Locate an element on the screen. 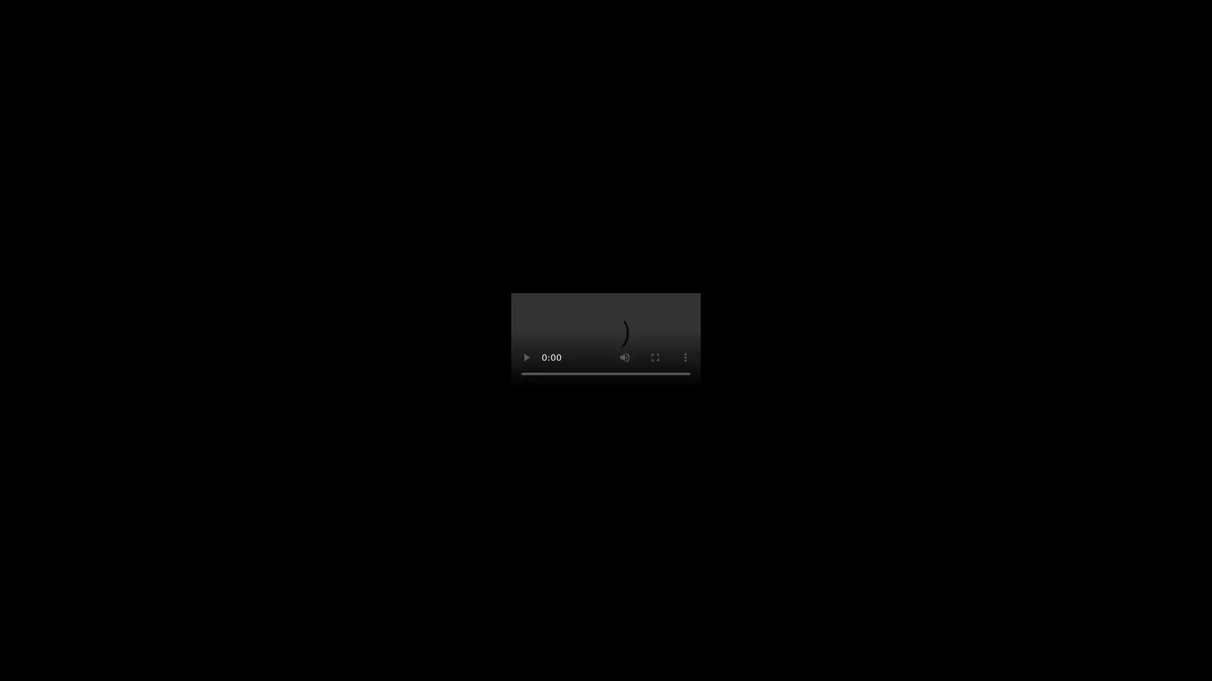 The image size is (1212, 681). play is located at coordinates (526, 358).